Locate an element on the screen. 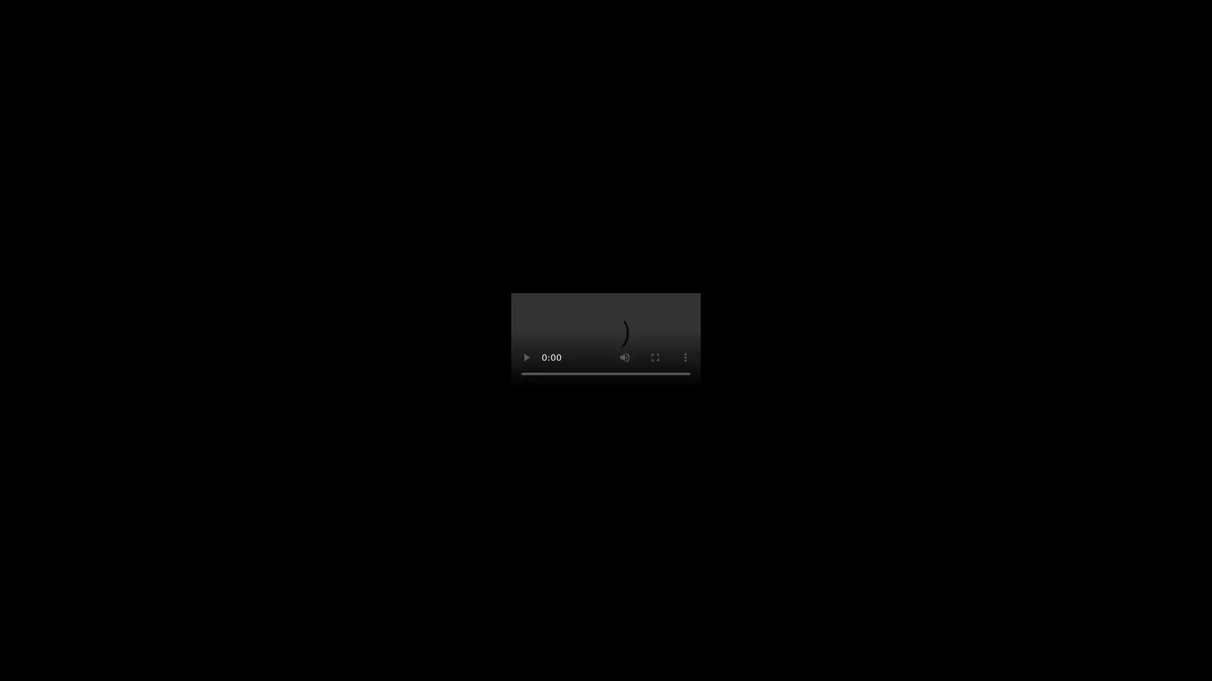 The image size is (1212, 681). play is located at coordinates (526, 358).